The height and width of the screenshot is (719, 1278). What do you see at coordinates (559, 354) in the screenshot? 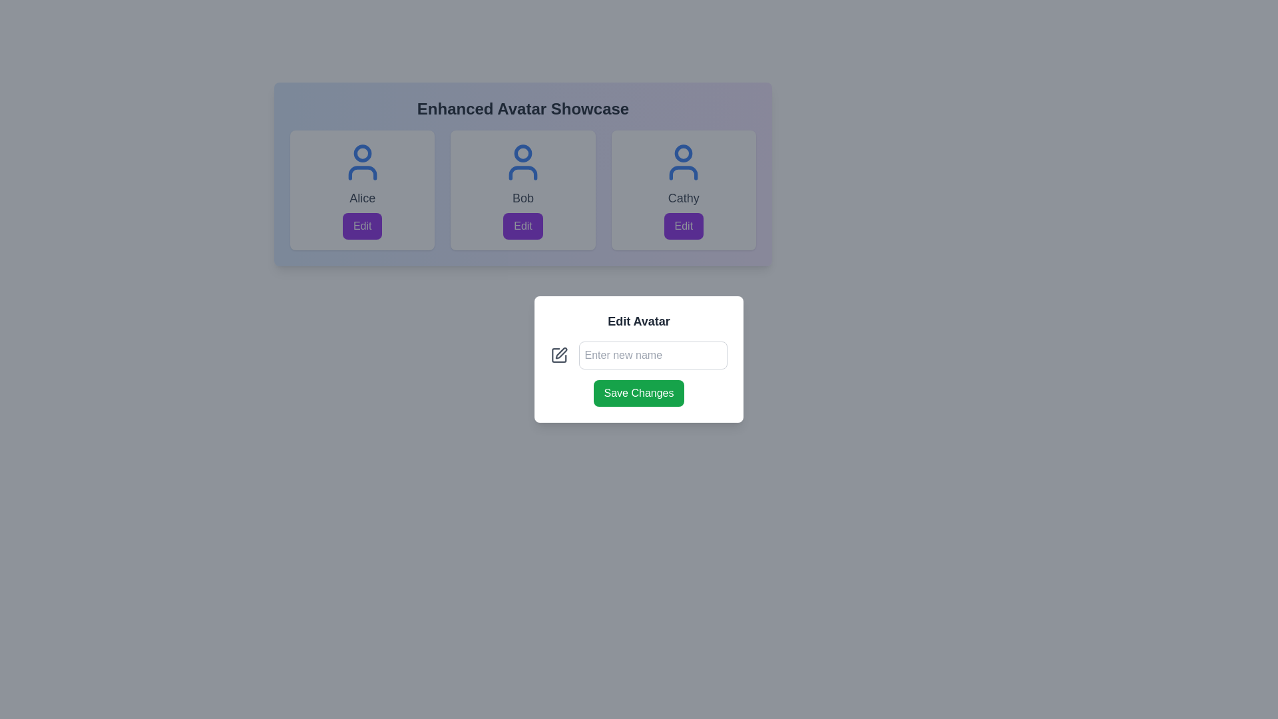
I see `the details of the gray pen icon located at the top-left corner of the 'Enter new name' input field, which is aligned with the 'Edit Avatar' modal` at bounding box center [559, 354].